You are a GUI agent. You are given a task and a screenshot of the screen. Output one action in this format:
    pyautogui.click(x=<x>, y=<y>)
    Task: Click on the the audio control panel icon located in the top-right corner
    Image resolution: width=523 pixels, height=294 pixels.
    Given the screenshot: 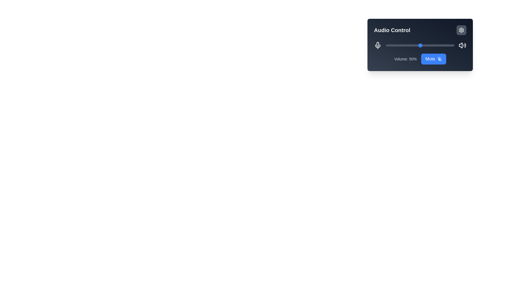 What is the action you would take?
    pyautogui.click(x=461, y=30)
    